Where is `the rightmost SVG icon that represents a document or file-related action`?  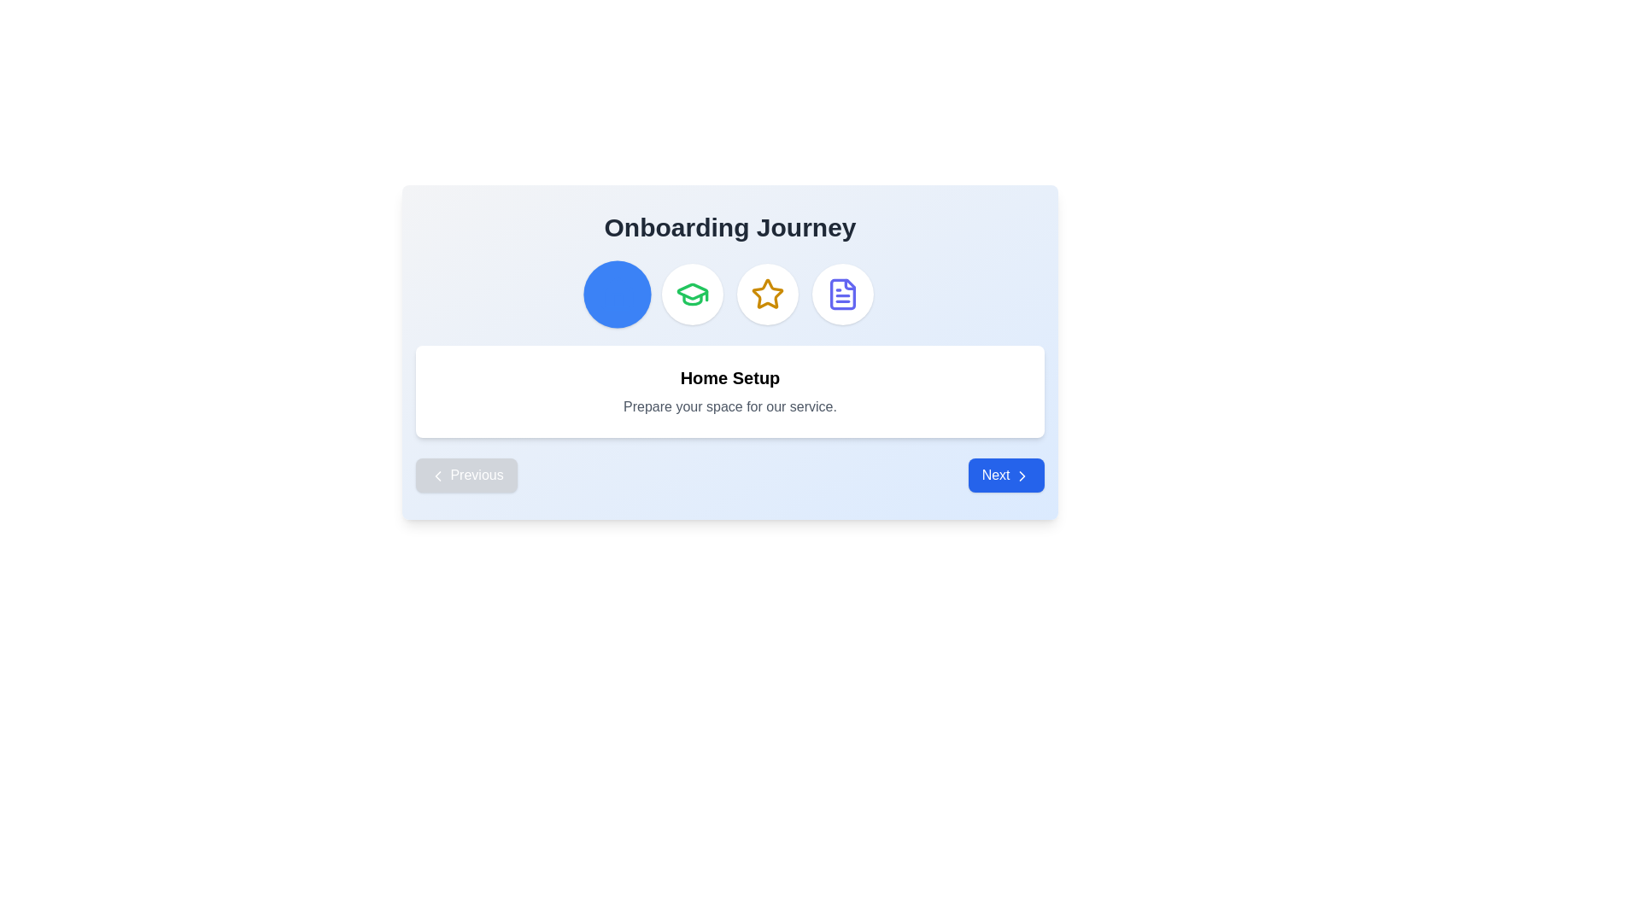 the rightmost SVG icon that represents a document or file-related action is located at coordinates (843, 293).